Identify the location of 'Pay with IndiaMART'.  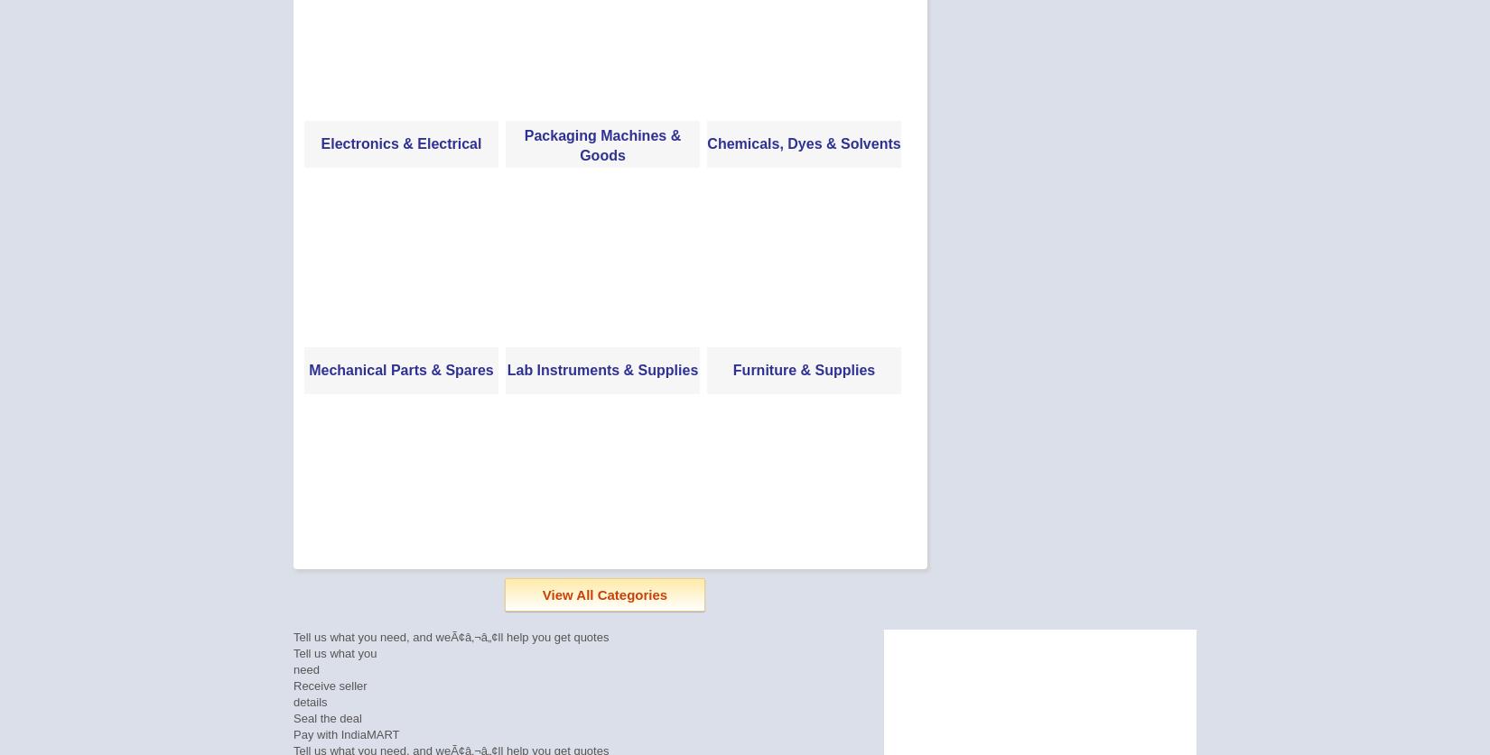
(346, 733).